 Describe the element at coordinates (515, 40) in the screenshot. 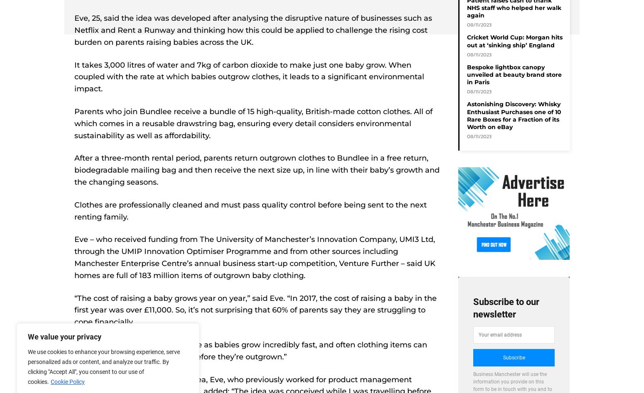

I see `'Cricket World Cup: Morgan hits out at ‘sinking ship’ England'` at that location.